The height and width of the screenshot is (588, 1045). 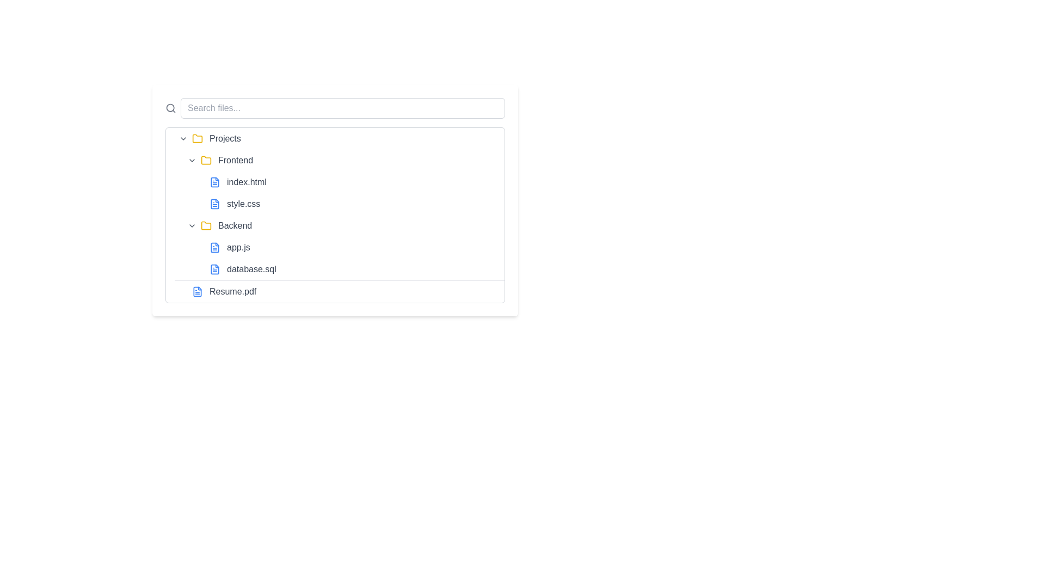 I want to click on to select the file entry labeled 'style.css' in the list of files within the 'Frontend' folder, so click(x=243, y=204).